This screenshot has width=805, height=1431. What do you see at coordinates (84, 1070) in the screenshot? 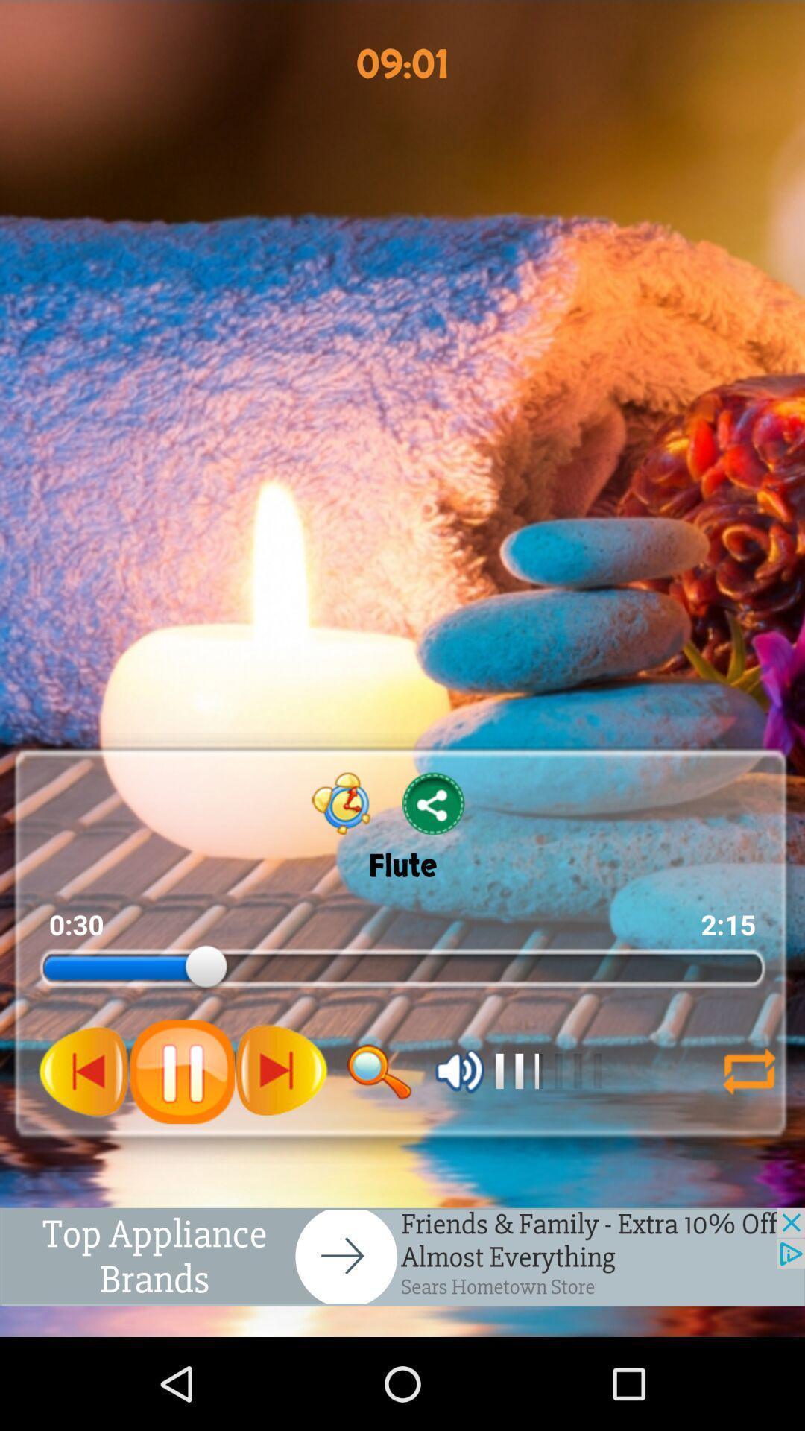
I see `rewind` at bounding box center [84, 1070].